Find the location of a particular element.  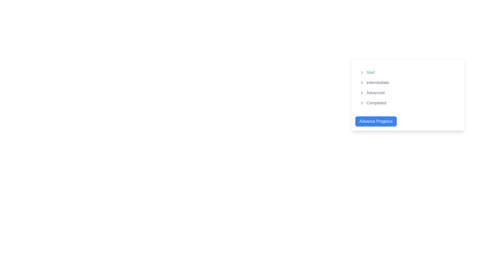

the chevron-right arrow icon that is positioned next to the 'Intermediate' label in the interface is located at coordinates (362, 82).